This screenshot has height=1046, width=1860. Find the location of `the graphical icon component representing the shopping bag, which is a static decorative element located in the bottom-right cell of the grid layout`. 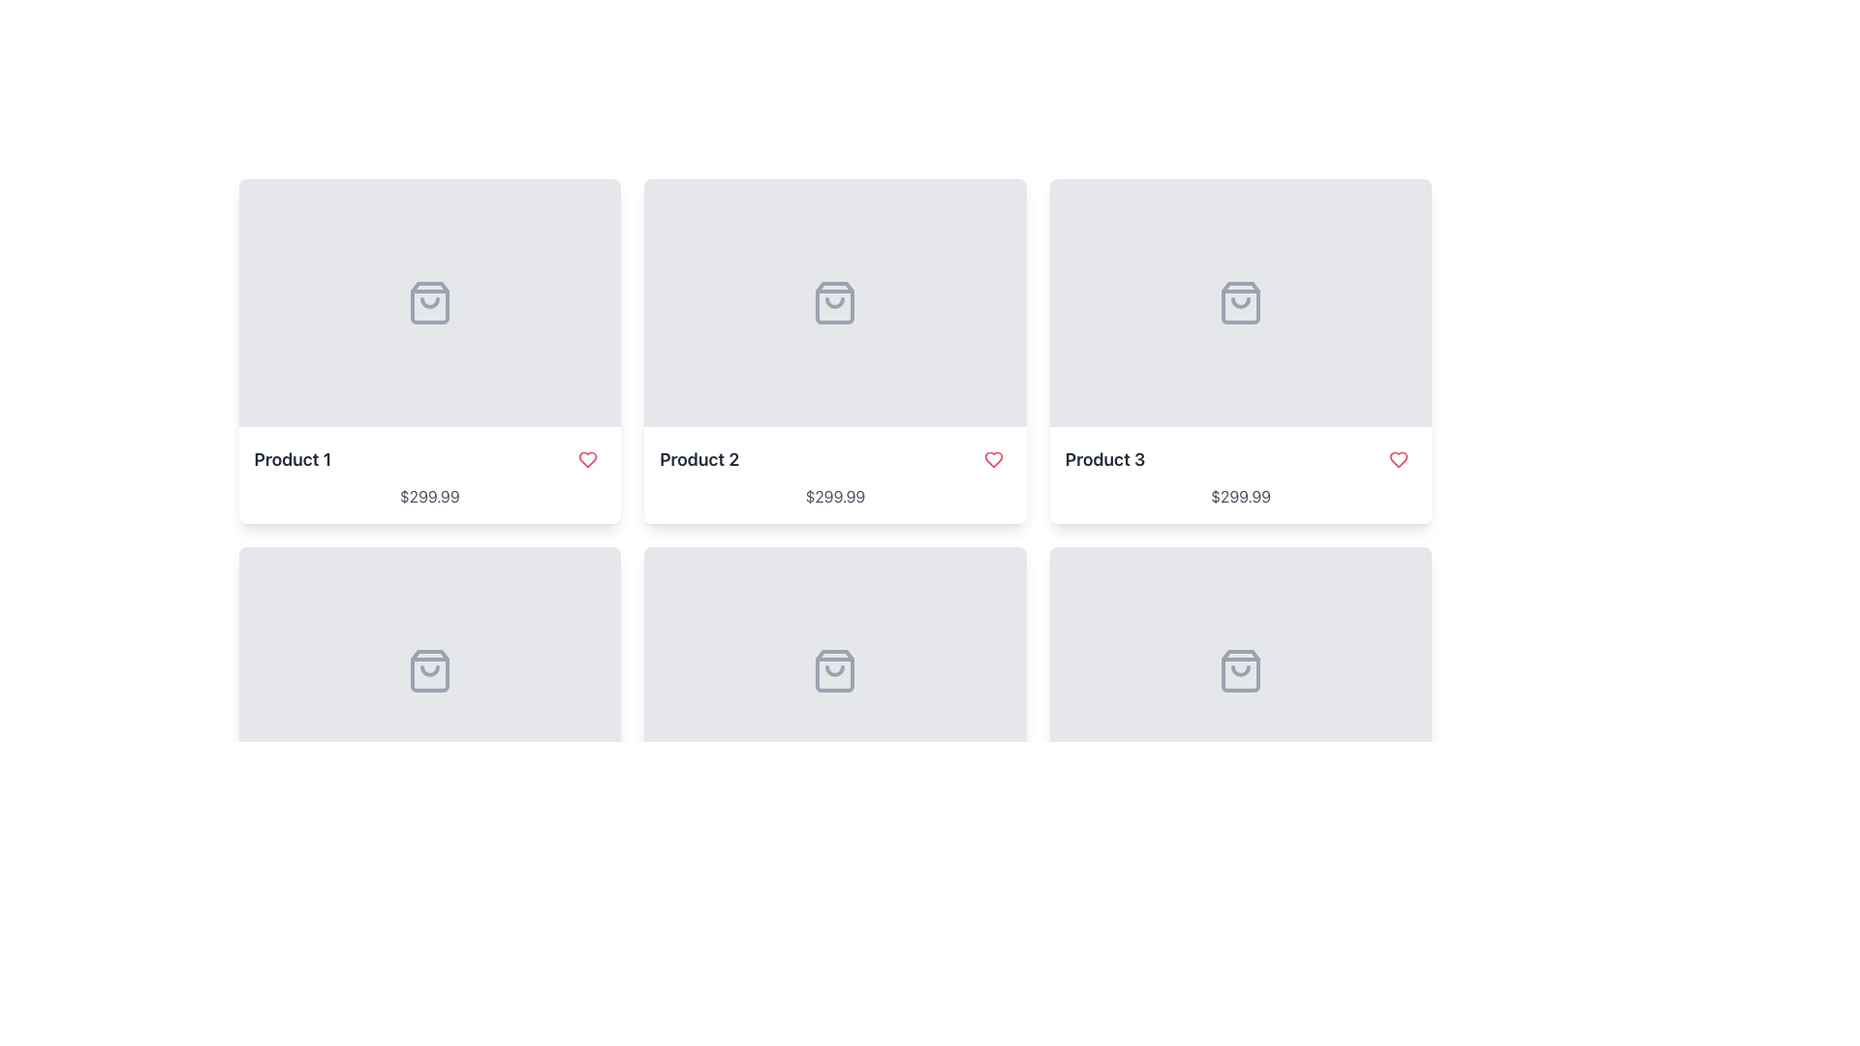

the graphical icon component representing the shopping bag, which is a static decorative element located in the bottom-right cell of the grid layout is located at coordinates (1241, 670).